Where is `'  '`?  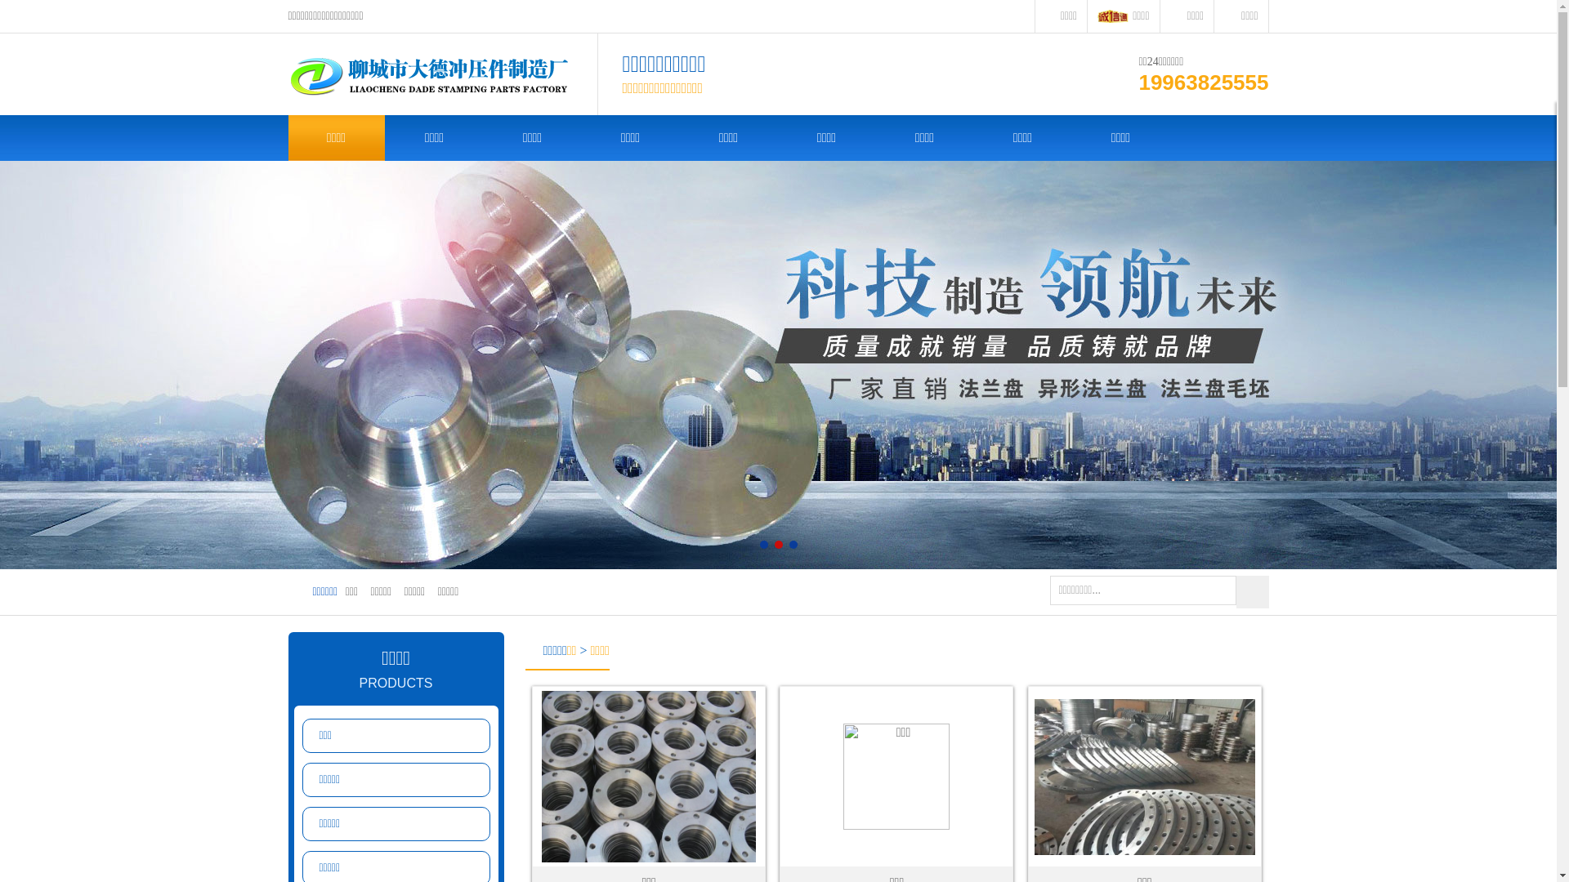 '  ' is located at coordinates (1250, 592).